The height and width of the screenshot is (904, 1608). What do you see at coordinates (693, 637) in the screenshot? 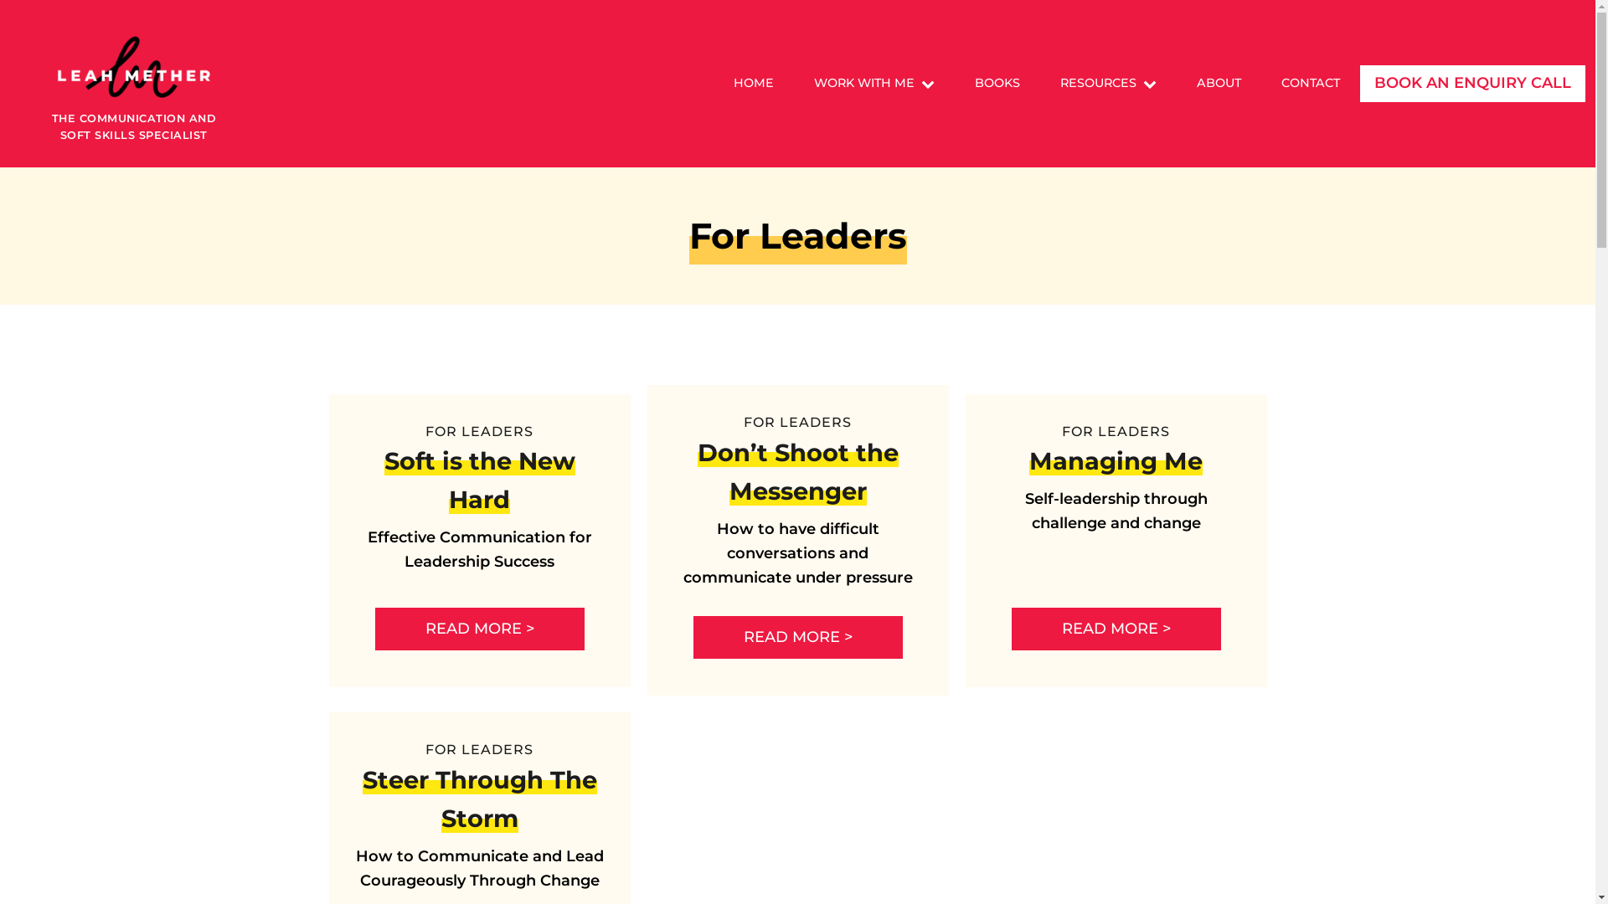
I see `'READ MORE >'` at bounding box center [693, 637].